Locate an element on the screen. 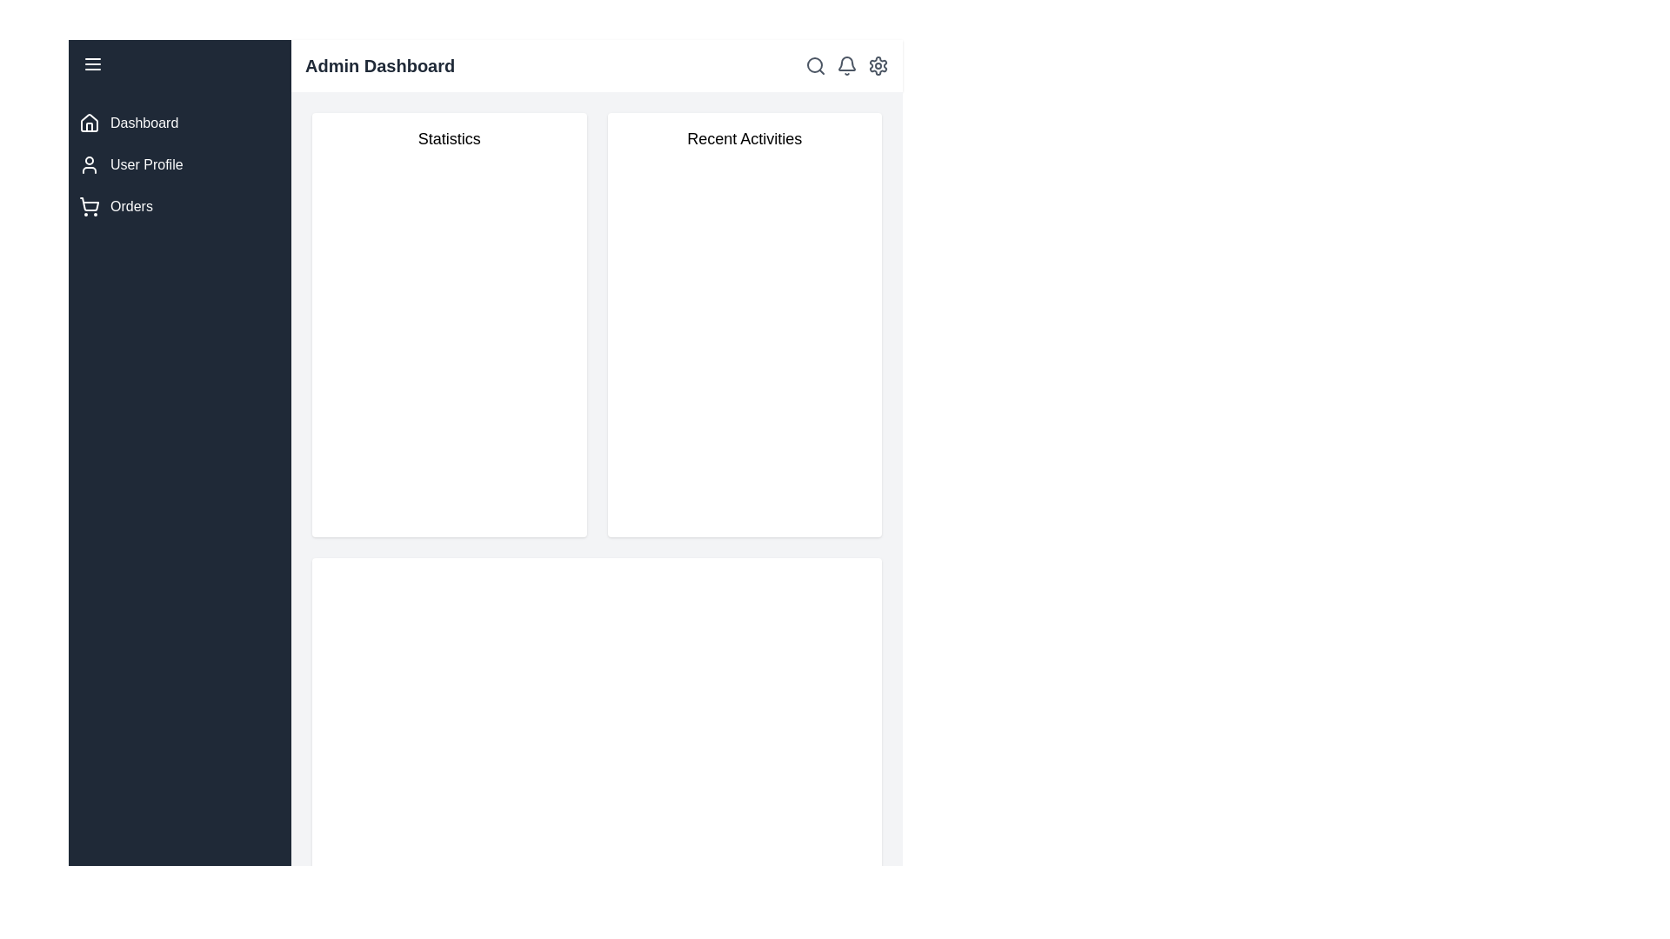 This screenshot has height=939, width=1670. the second item in the vertical list of navigation options, which is likely for accessing the user profile section is located at coordinates (179, 164).